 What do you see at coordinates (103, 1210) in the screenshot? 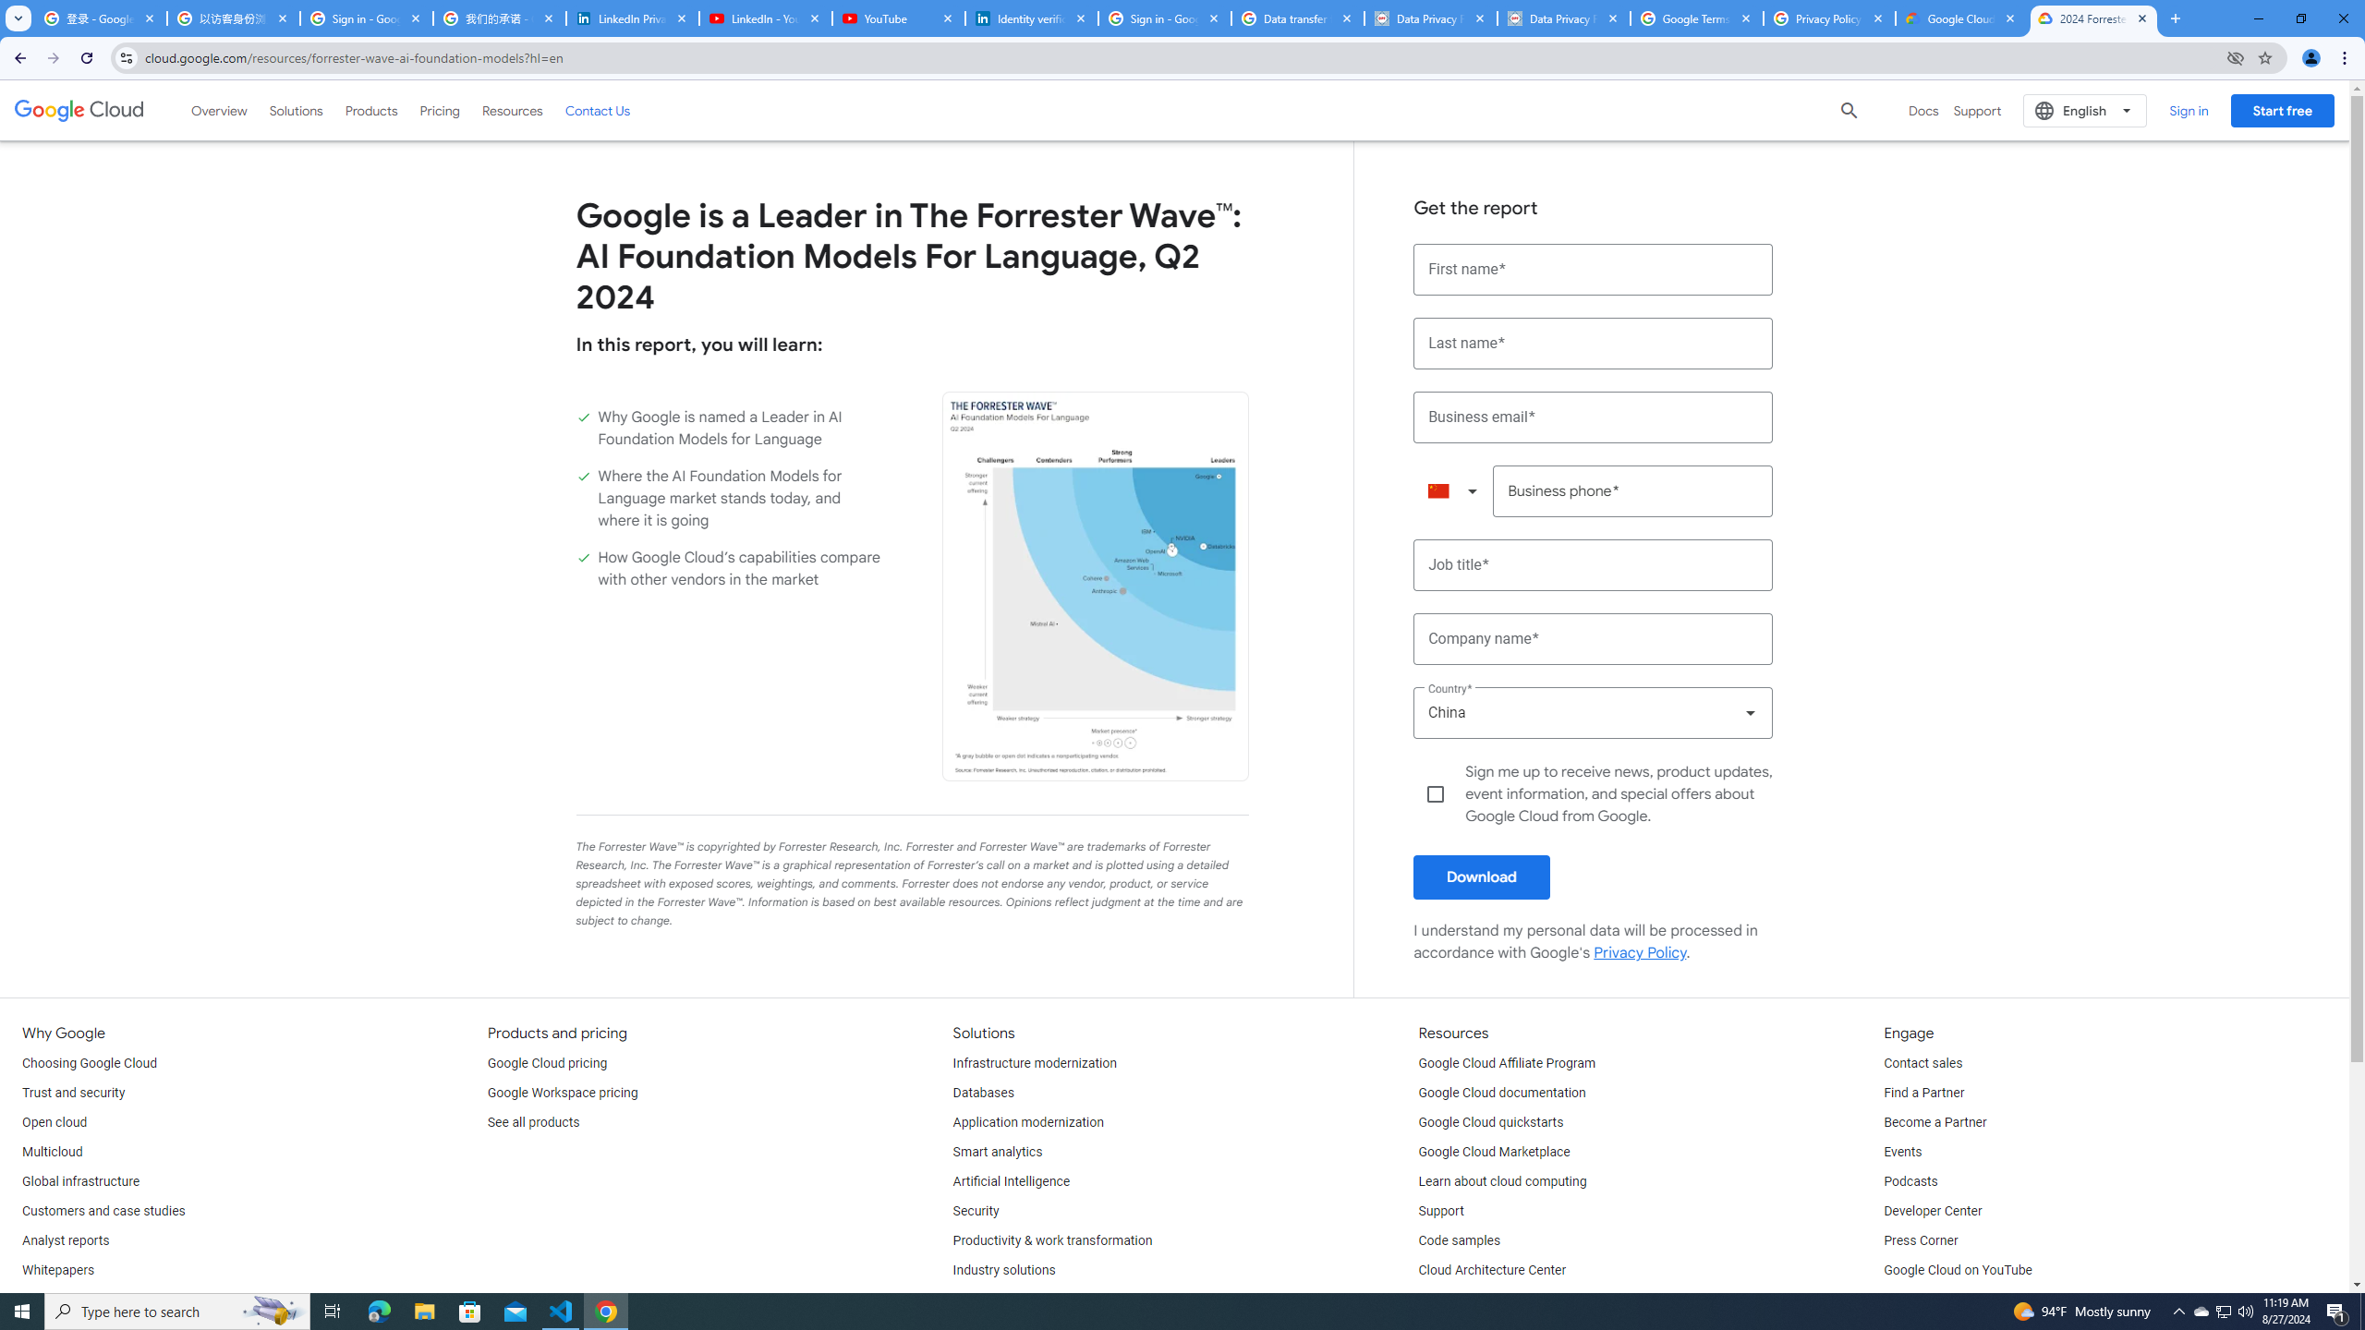
I see `'Customers and case studies'` at bounding box center [103, 1210].